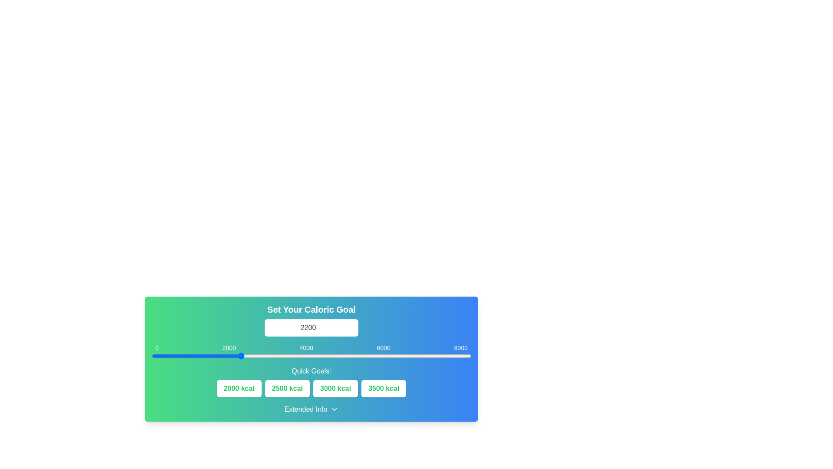  I want to click on the button labeled '3500 kcal', which is the fourth button in a series of four, located at the bottom section of the interface, so click(383, 388).